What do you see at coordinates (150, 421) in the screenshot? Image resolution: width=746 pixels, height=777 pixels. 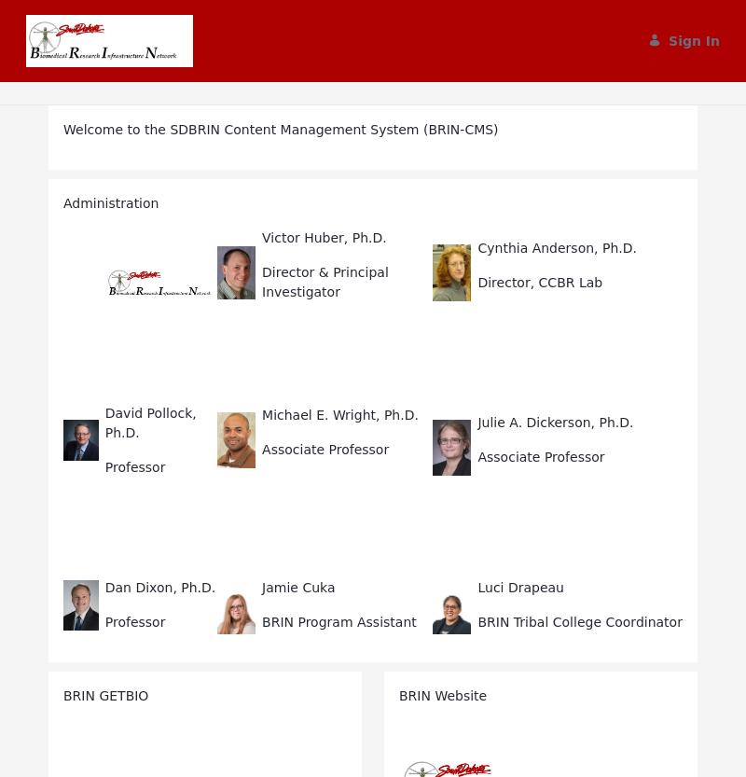 I see `'David Pollock, Ph.D.'` at bounding box center [150, 421].